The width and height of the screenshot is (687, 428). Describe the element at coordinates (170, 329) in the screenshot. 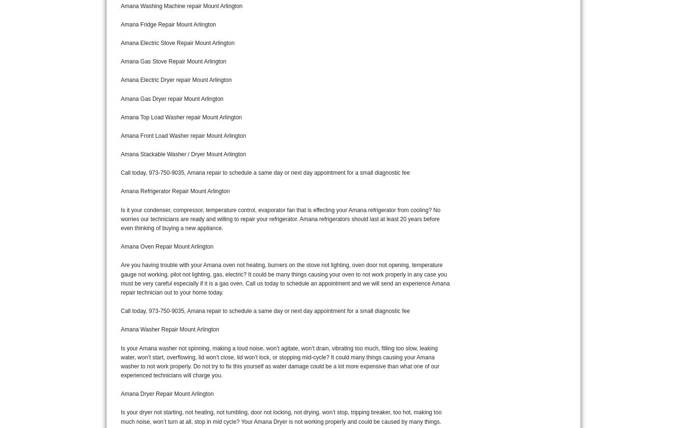

I see `'Amana Washer Repair Mount Arlington'` at that location.